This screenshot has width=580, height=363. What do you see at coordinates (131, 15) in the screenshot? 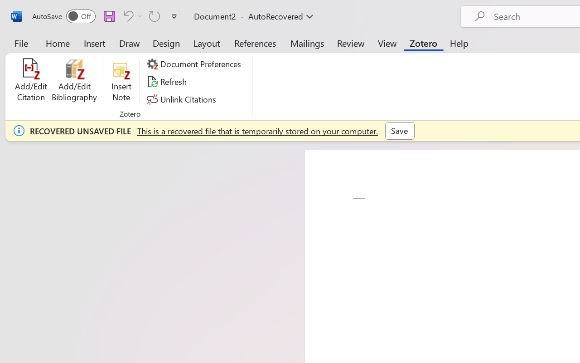
I see `'Can'` at bounding box center [131, 15].